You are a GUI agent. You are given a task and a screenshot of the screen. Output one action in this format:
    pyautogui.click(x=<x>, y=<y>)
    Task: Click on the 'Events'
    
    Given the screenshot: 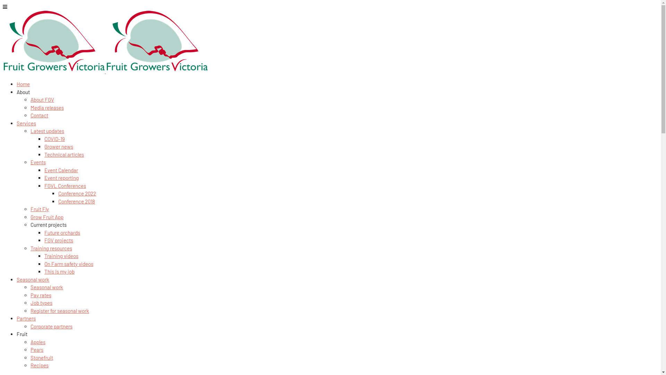 What is the action you would take?
    pyautogui.click(x=38, y=162)
    